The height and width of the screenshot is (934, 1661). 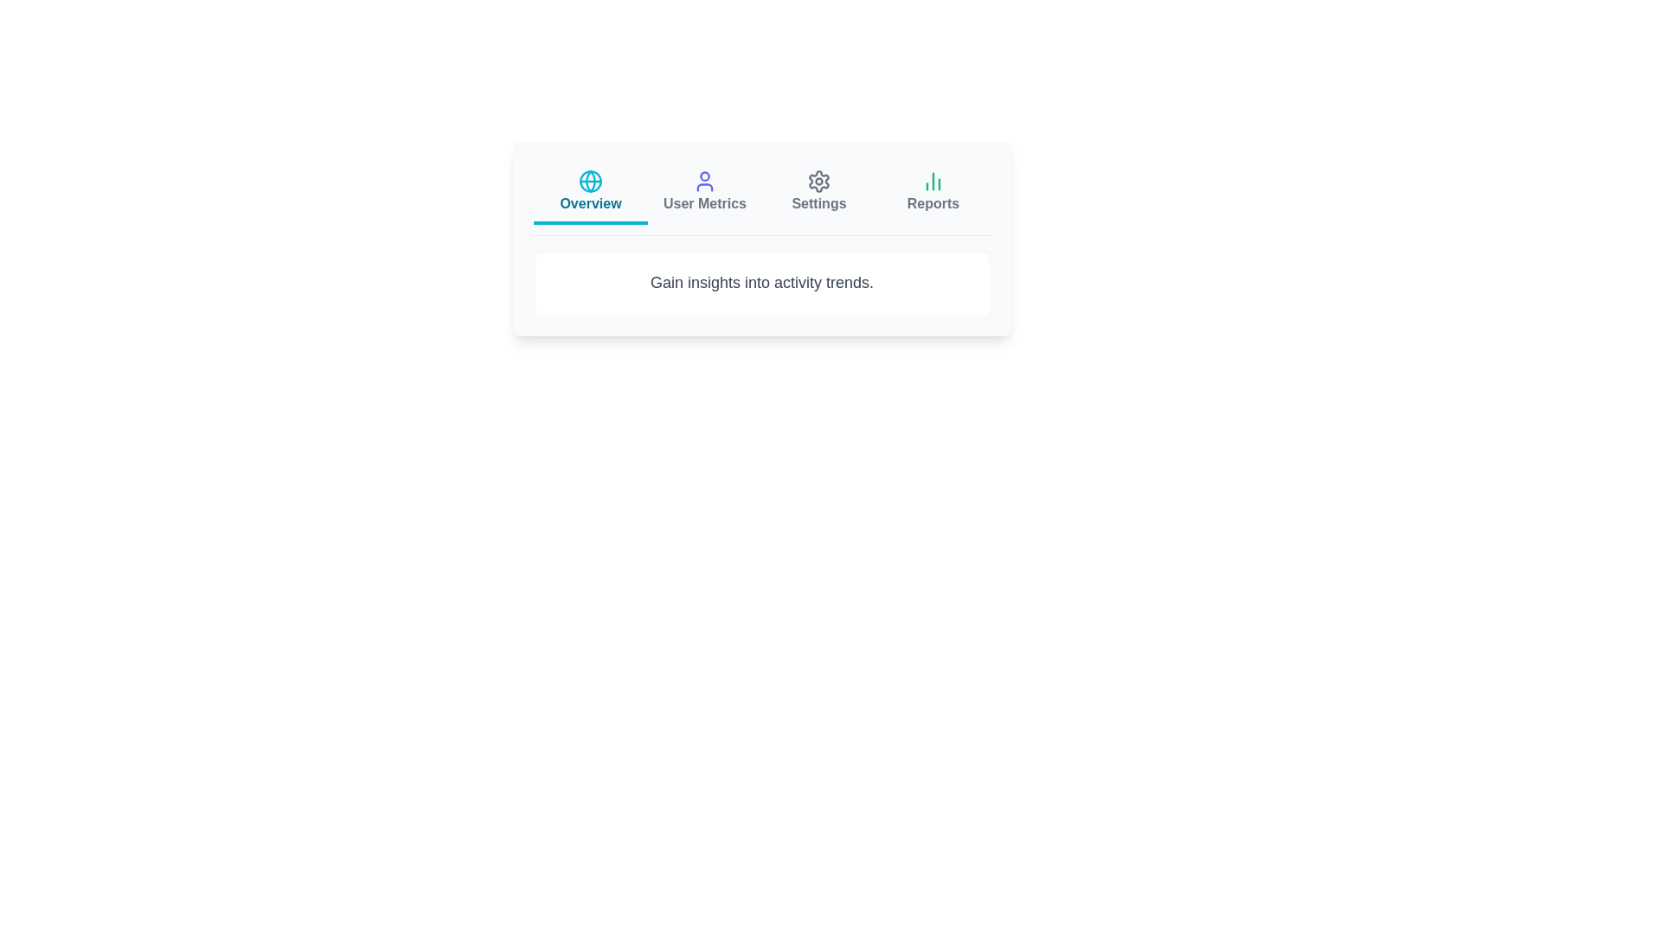 I want to click on the tab labeled Reports, so click(x=933, y=193).